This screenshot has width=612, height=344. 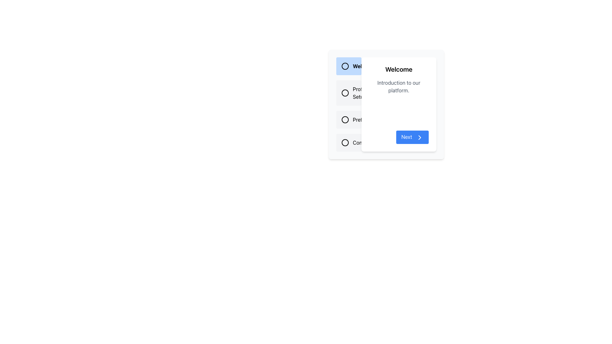 What do you see at coordinates (348, 93) in the screenshot?
I see `the 'Profile Setup' button located below the 'Welcome' option and above the 'Preferences' option in the vertical list of options` at bounding box center [348, 93].